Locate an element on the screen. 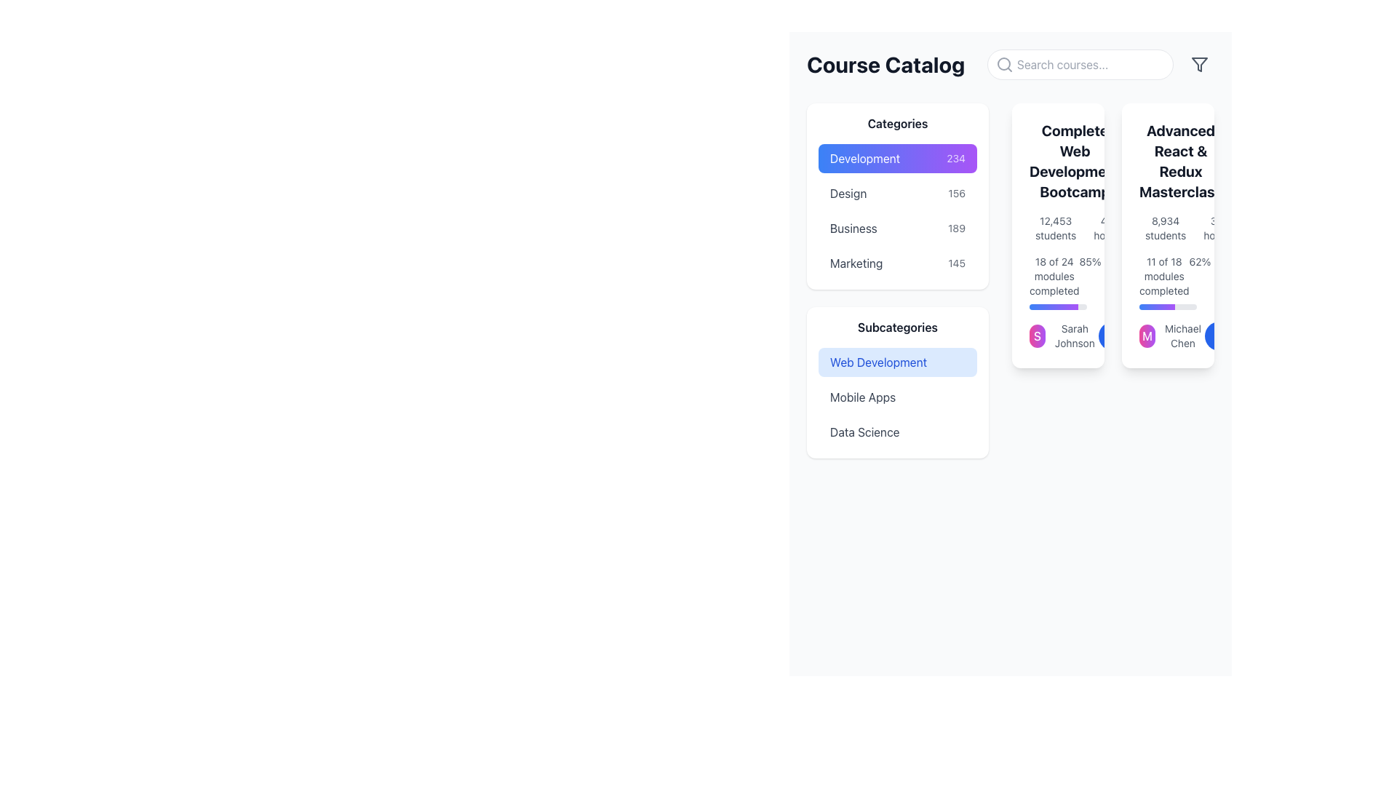  the small text displaying the number '156', which is aligned to the right of the word 'Design' in the upper region of the 'Categories' section is located at coordinates (957, 193).